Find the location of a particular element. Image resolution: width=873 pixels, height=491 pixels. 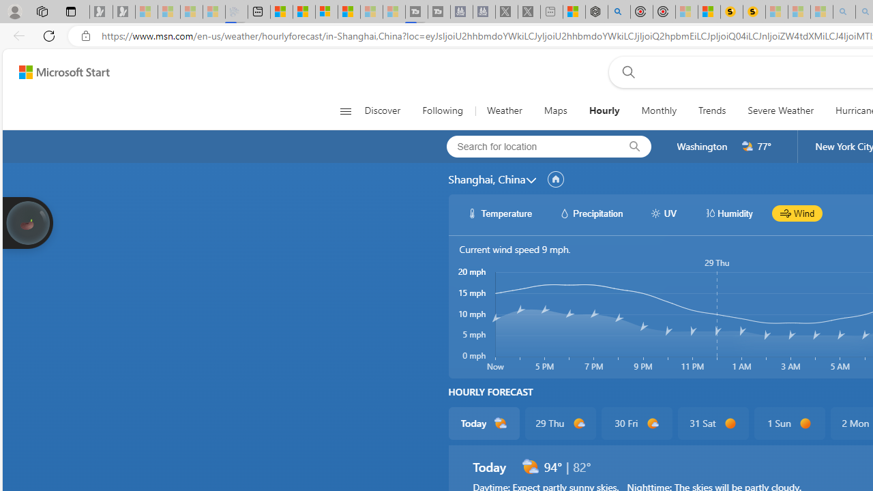

'Skip to footer' is located at coordinates (55, 72).